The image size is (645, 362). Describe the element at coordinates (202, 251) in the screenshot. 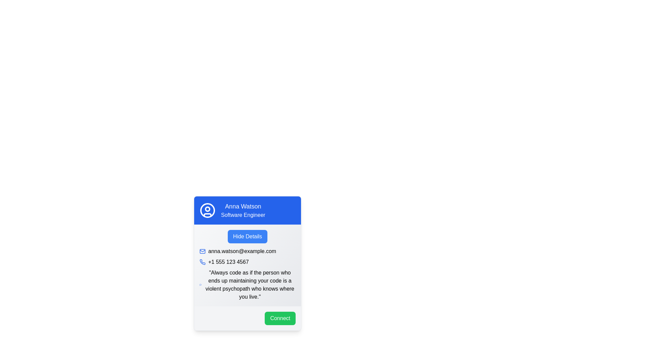

I see `the small blue email icon located to the left of the text 'anna.watson@example.com' in the contact information section of the profile card` at that location.